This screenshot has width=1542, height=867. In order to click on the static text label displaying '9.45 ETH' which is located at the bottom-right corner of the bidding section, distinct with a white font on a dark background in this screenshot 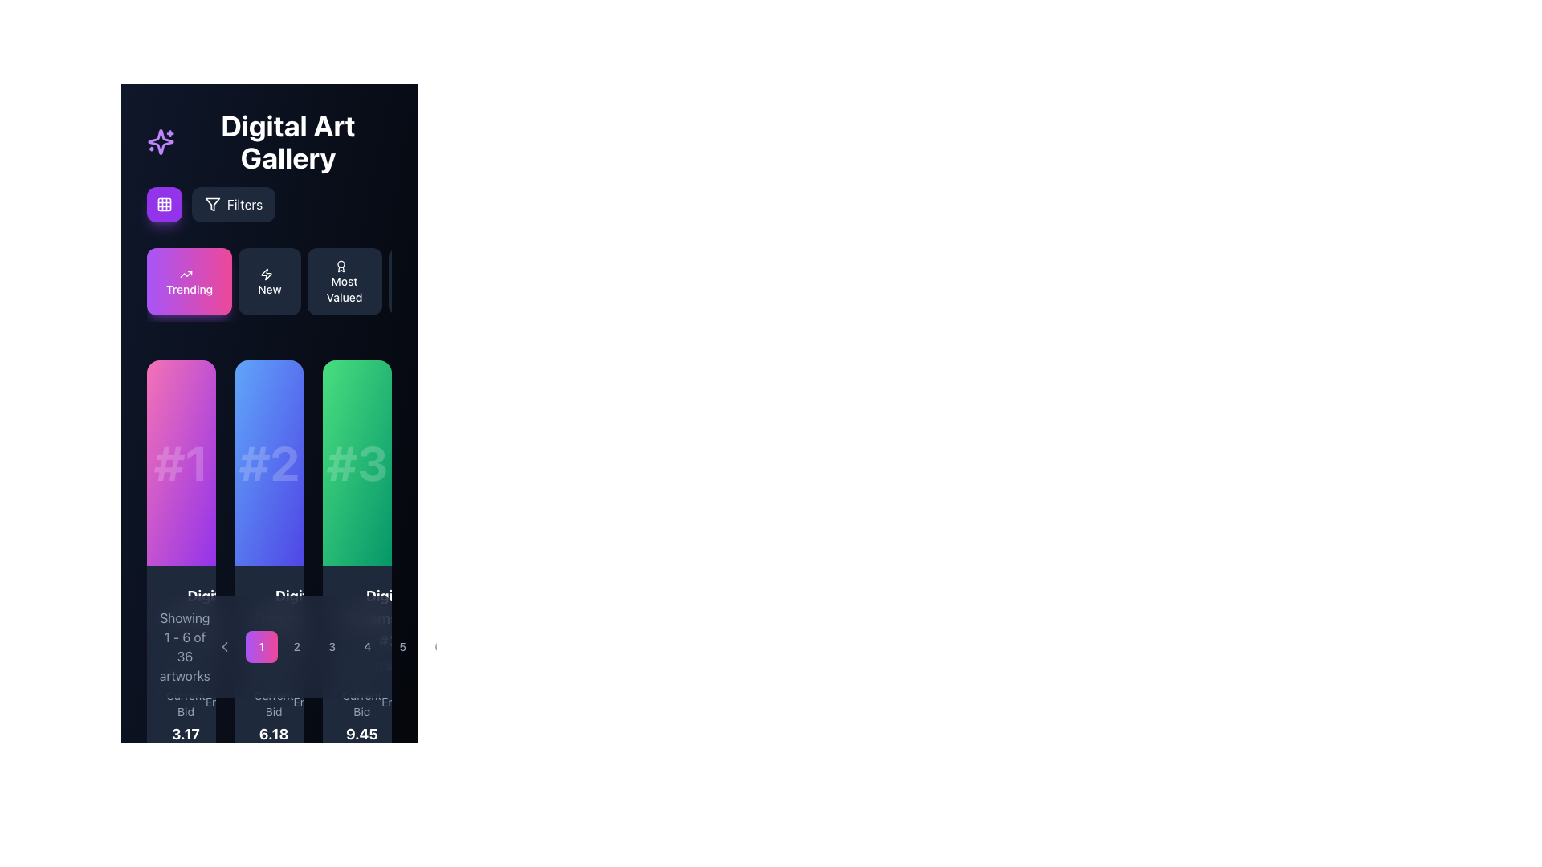, I will do `click(361, 746)`.